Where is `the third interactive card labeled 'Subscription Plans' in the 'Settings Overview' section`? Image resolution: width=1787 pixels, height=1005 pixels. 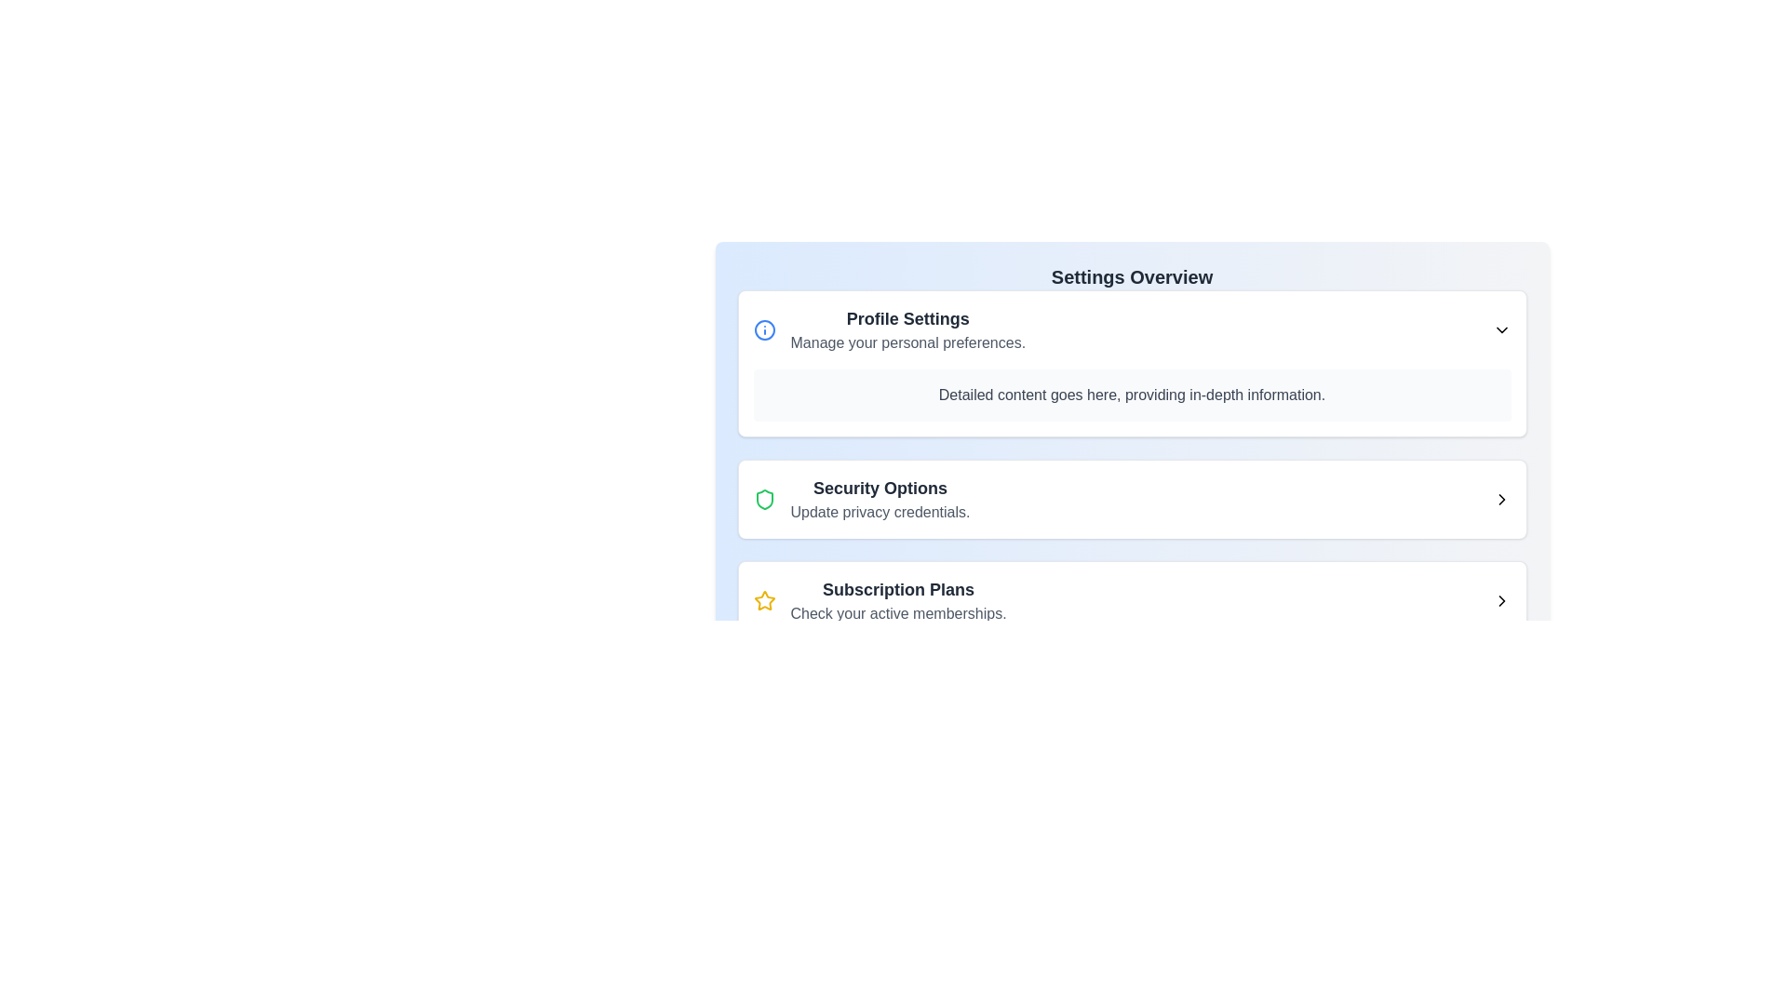 the third interactive card labeled 'Subscription Plans' in the 'Settings Overview' section is located at coordinates (1131, 600).